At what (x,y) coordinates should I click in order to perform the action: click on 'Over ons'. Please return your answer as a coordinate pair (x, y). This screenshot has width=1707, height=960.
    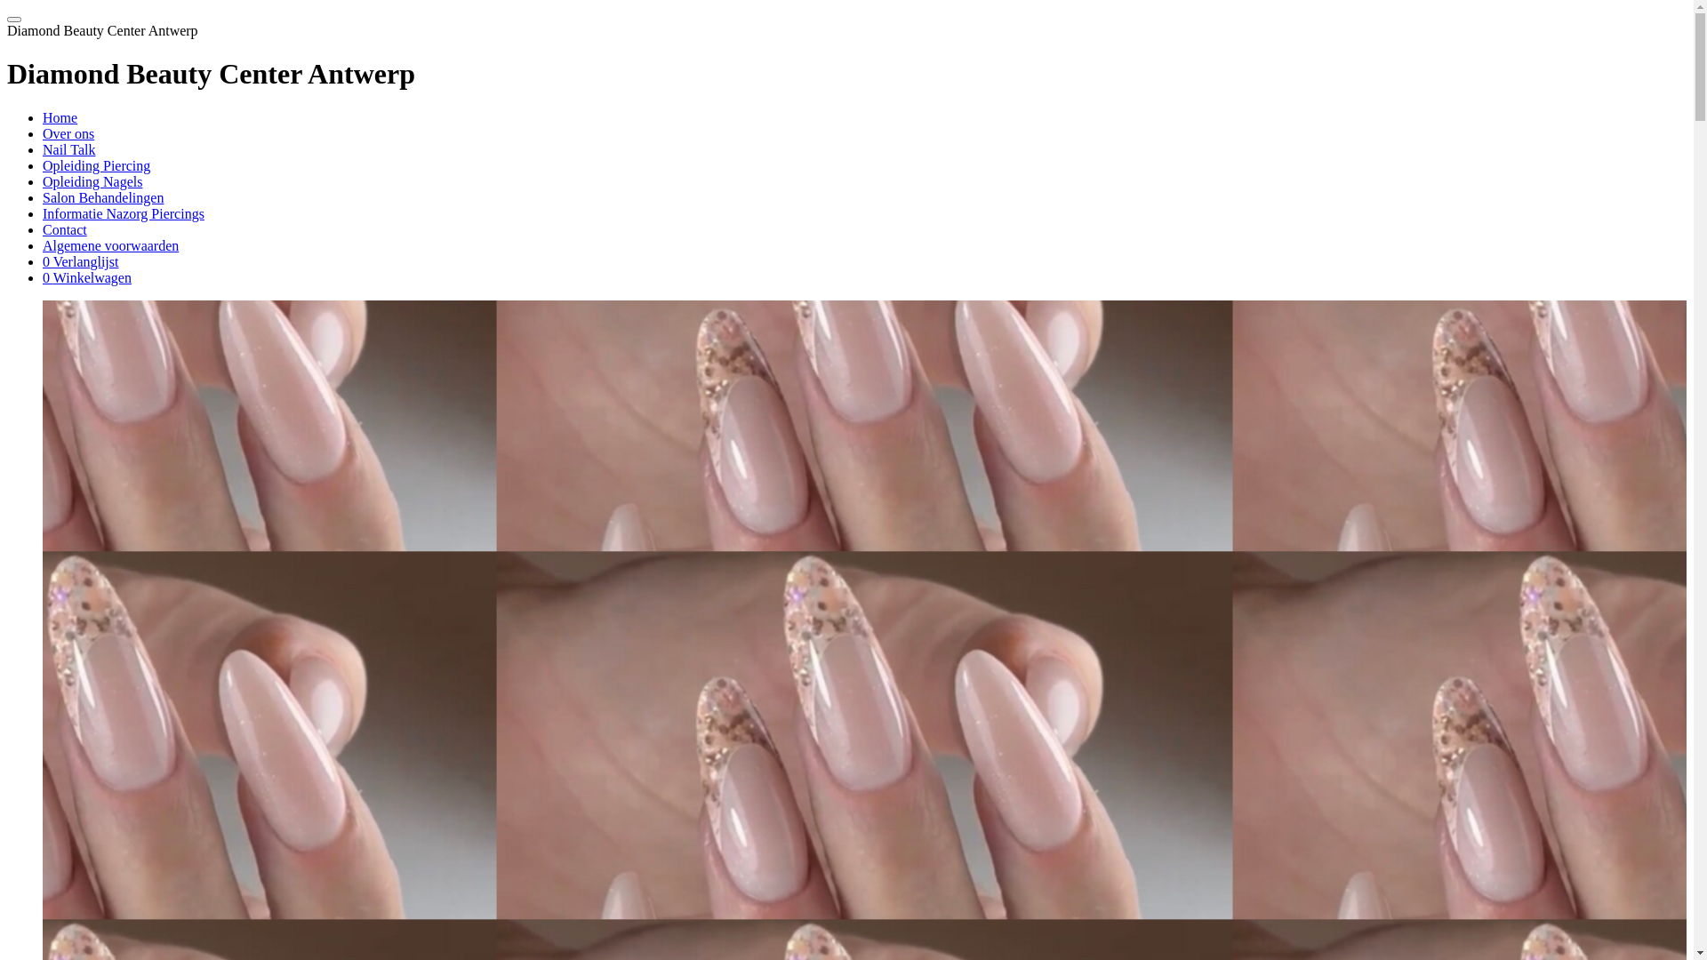
    Looking at the image, I should click on (68, 132).